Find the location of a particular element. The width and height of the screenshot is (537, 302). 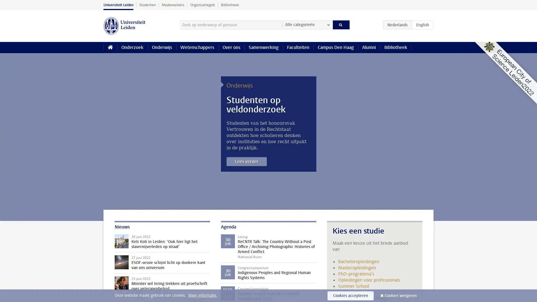

Zoeken is located at coordinates (341, 24).